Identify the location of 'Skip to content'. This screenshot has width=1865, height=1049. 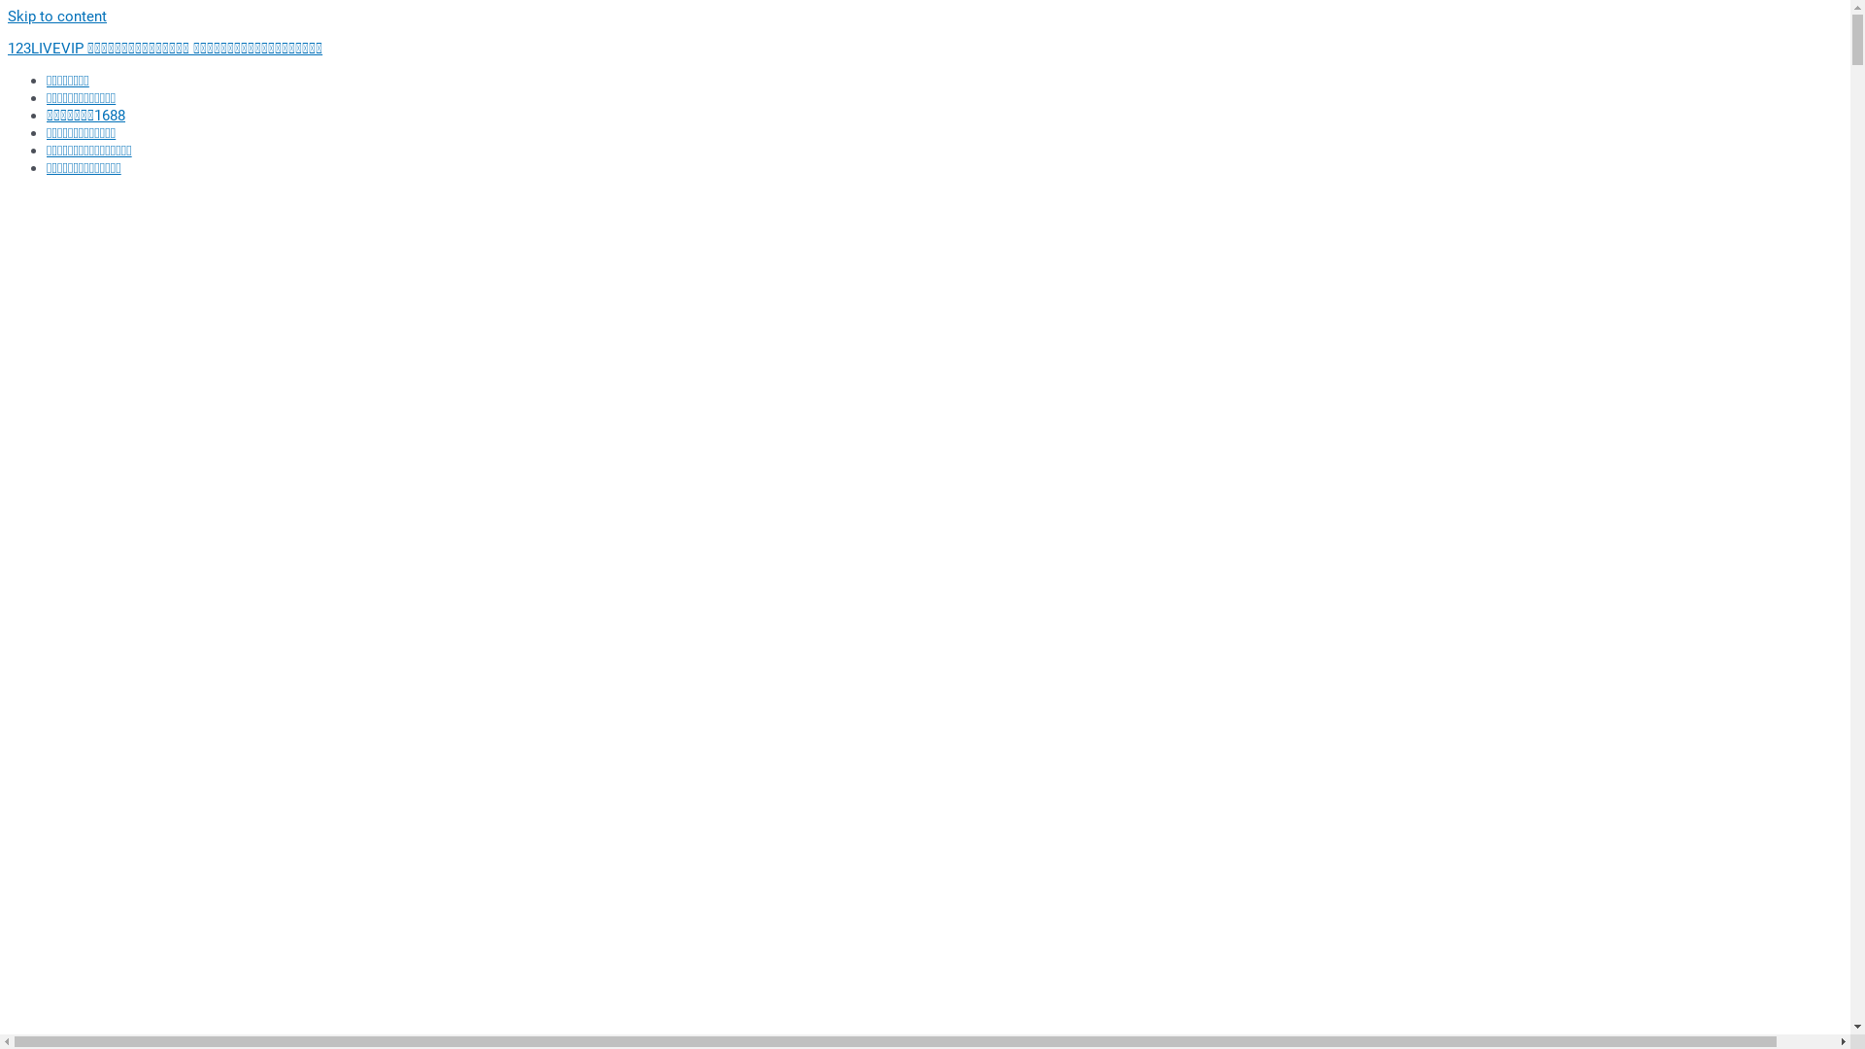
(8, 16).